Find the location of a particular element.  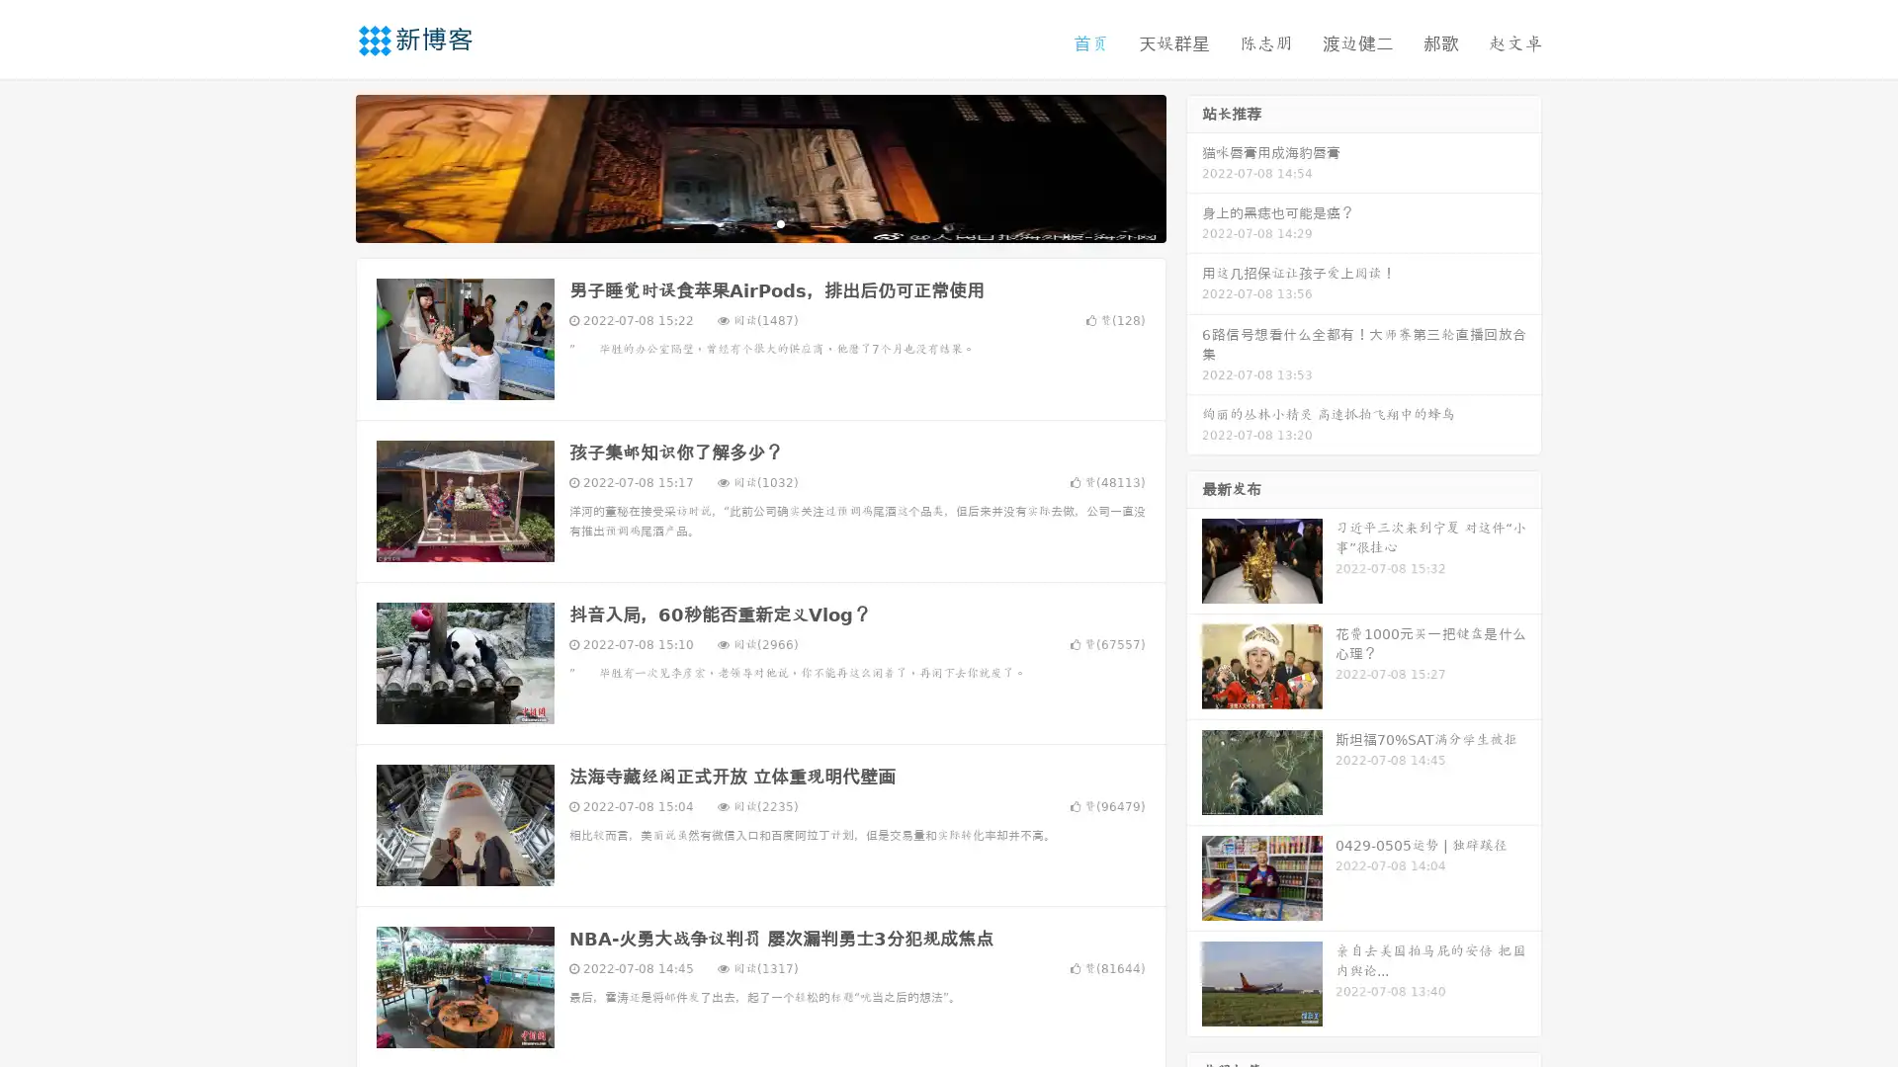

Next slide is located at coordinates (1194, 166).